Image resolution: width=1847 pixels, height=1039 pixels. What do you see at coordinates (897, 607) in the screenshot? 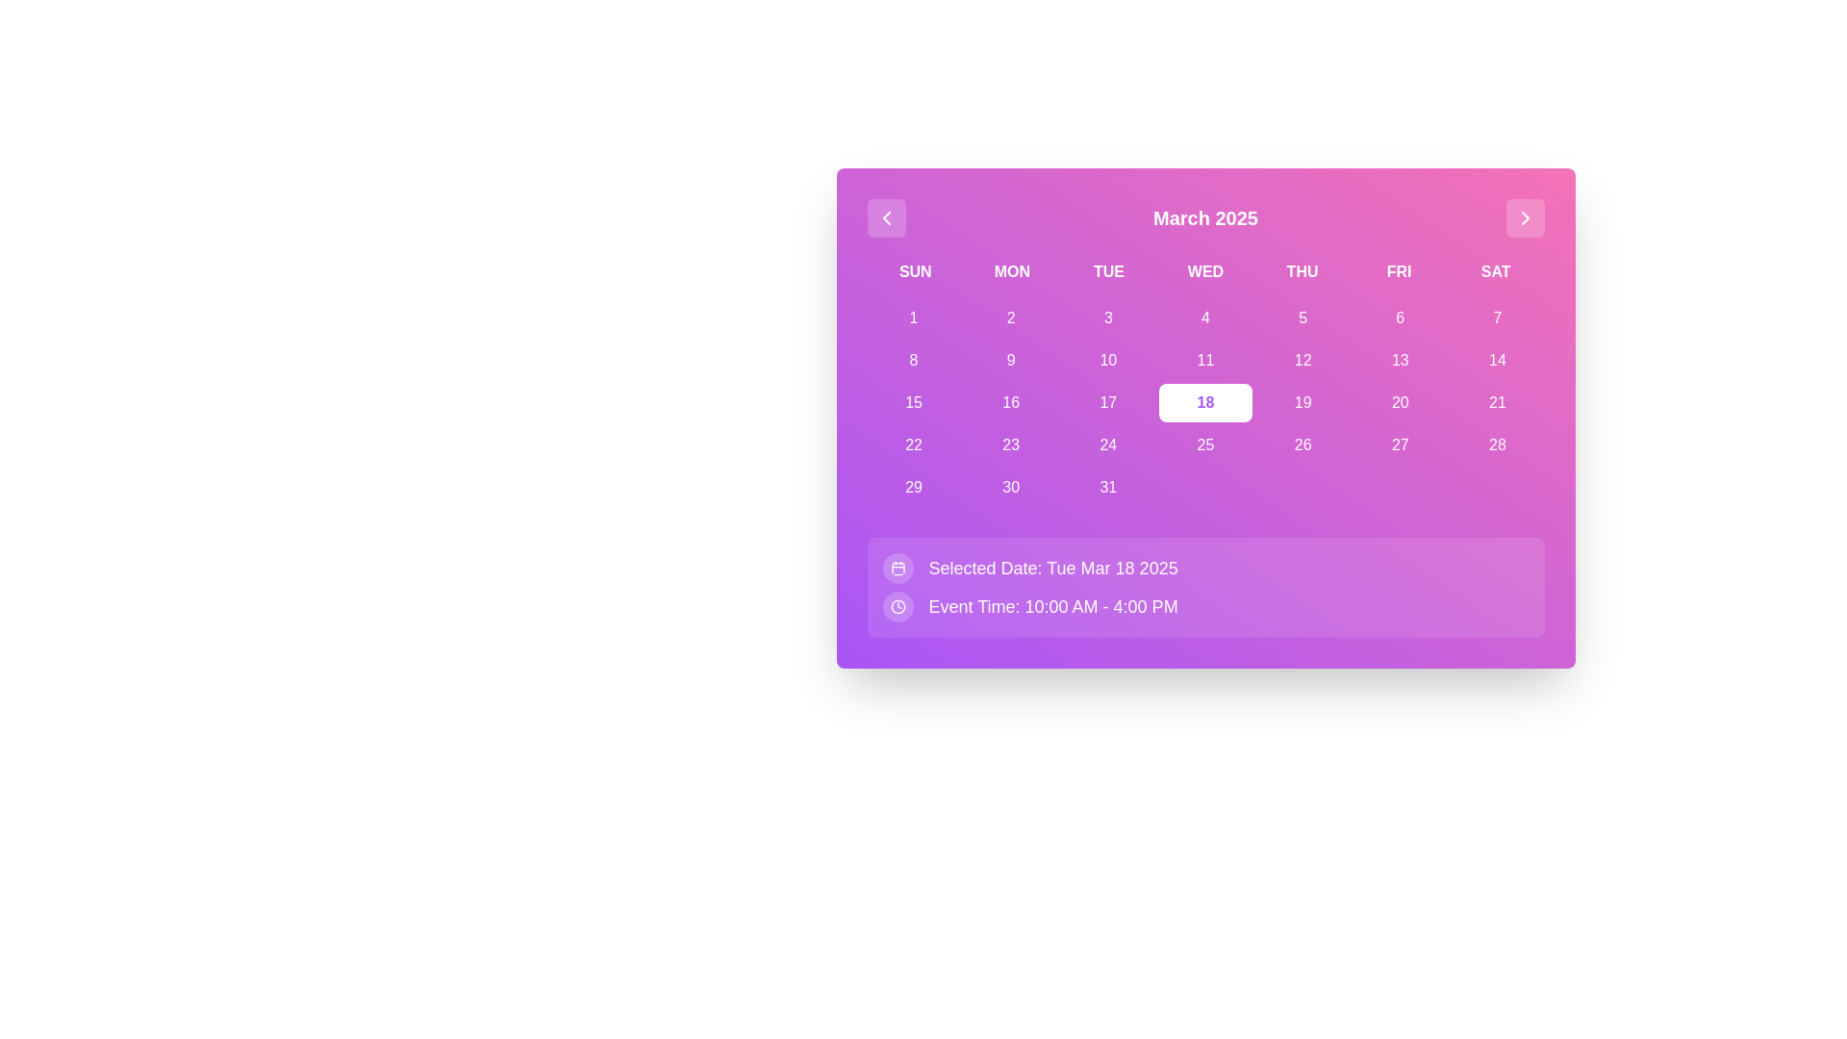
I see `the circular icon with a clock symbol, which is surrounded by a purple background and positioned to the left of the text 'Event Time: 10:00 AM - 4:00 PM'` at bounding box center [897, 607].